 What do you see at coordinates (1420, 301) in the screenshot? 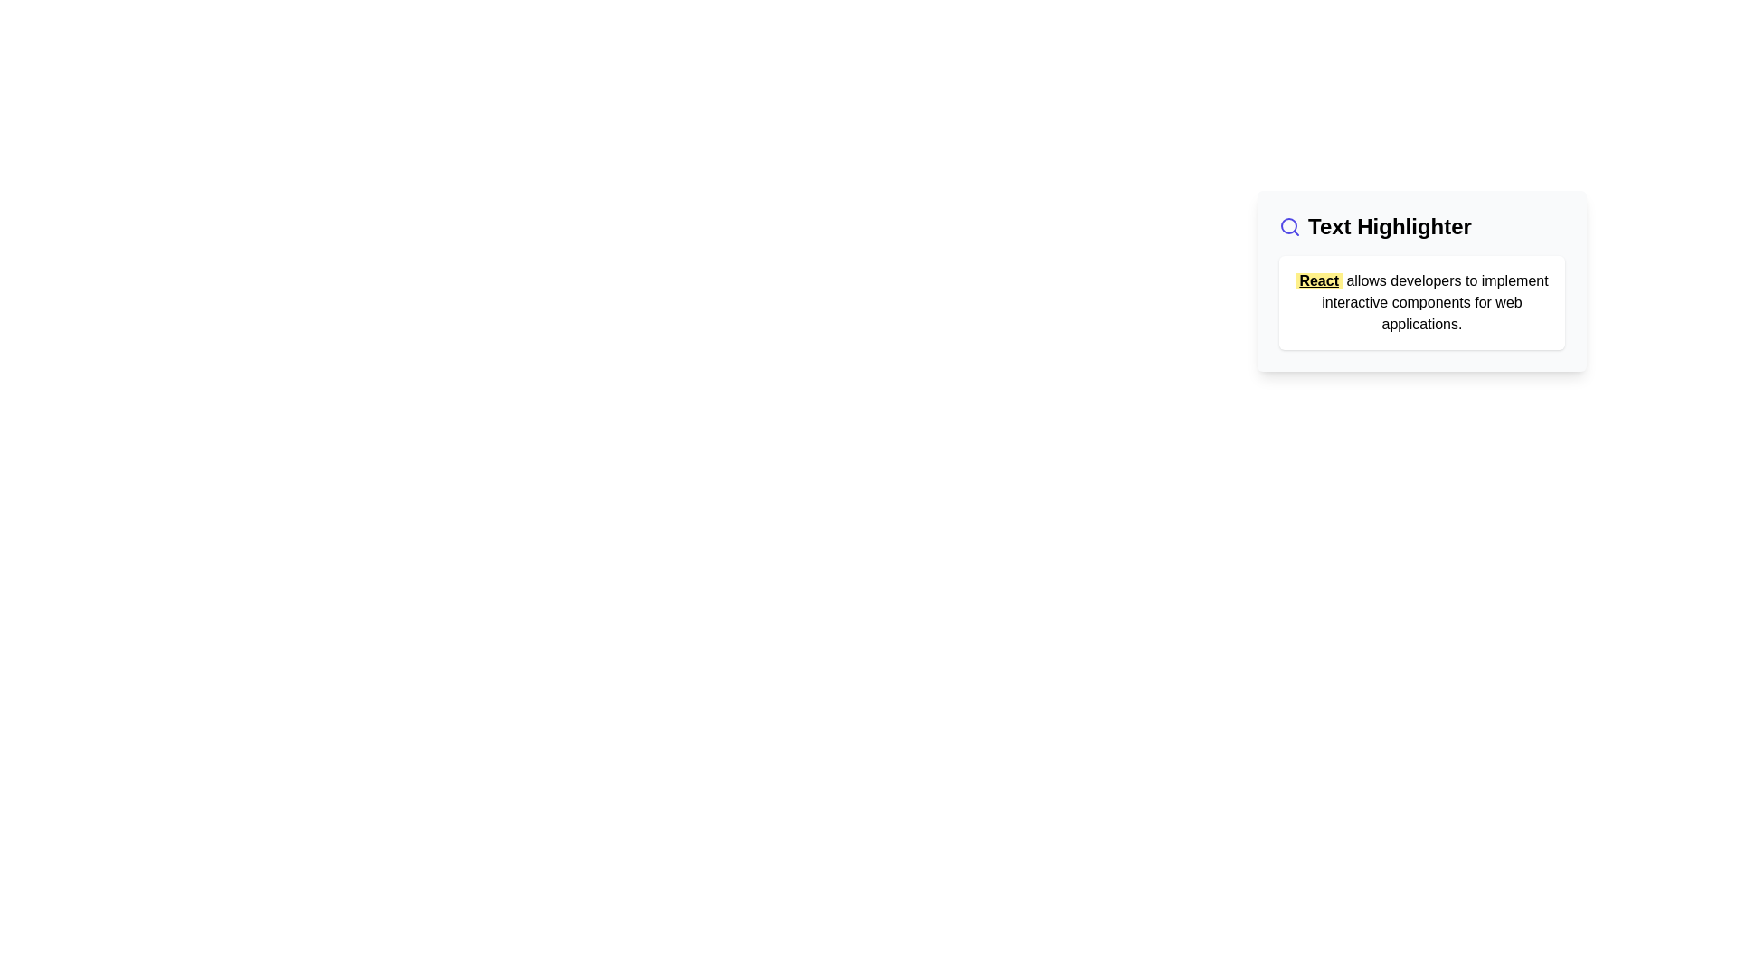
I see `the styled word 'React' located at the start of the descriptive text about React in the context of software or web development, if it is interactive` at bounding box center [1420, 301].